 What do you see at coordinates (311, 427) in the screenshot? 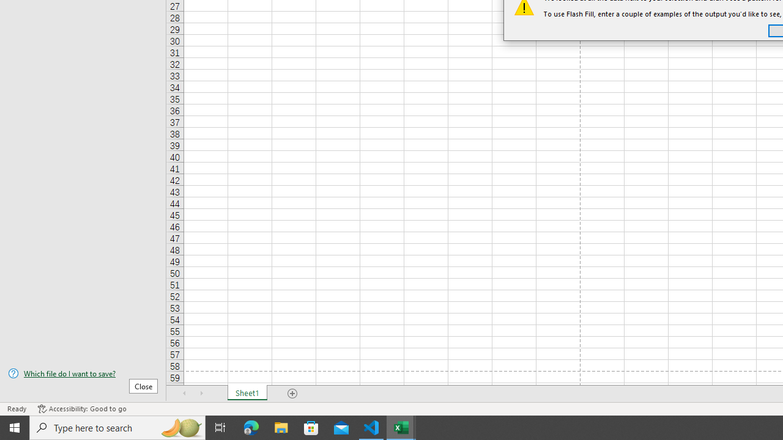
I see `'Microsoft Store'` at bounding box center [311, 427].